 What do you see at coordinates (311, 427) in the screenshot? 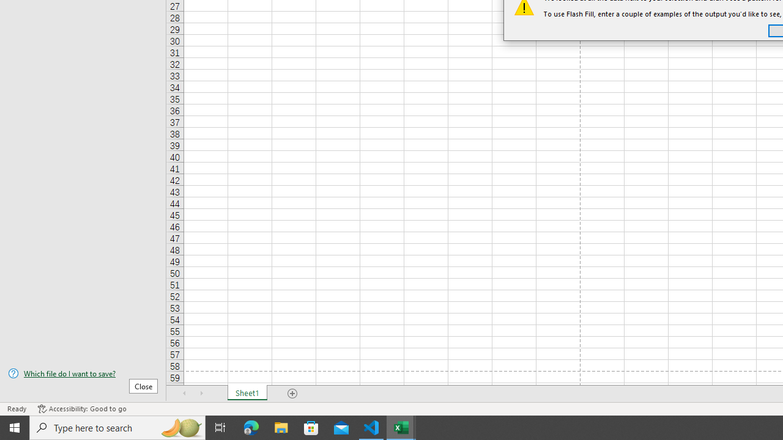
I see `'Microsoft Store'` at bounding box center [311, 427].